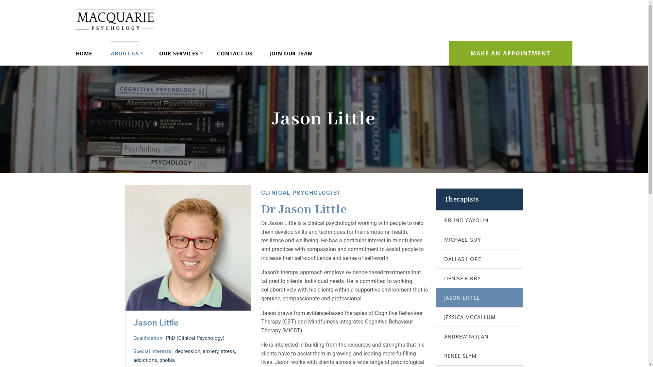 The width and height of the screenshot is (653, 367). I want to click on 'Macquarie Psychology', so click(115, 19).